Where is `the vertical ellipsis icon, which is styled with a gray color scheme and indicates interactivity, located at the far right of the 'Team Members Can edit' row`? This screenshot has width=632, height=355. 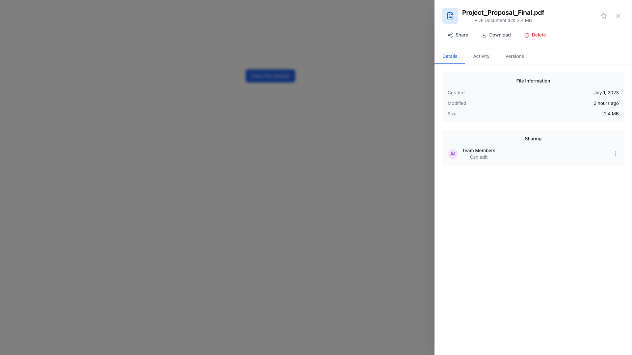 the vertical ellipsis icon, which is styled with a gray color scheme and indicates interactivity, located at the far right of the 'Team Members Can edit' row is located at coordinates (615, 154).